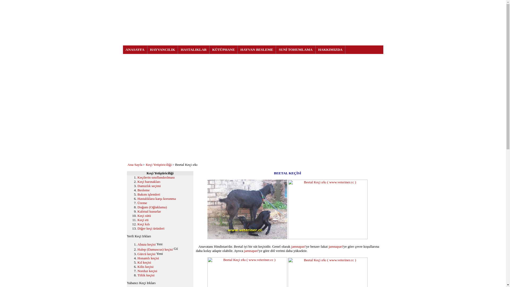 The width and height of the screenshot is (510, 287). I want to click on 'HAYVANCILIK', so click(163, 49).